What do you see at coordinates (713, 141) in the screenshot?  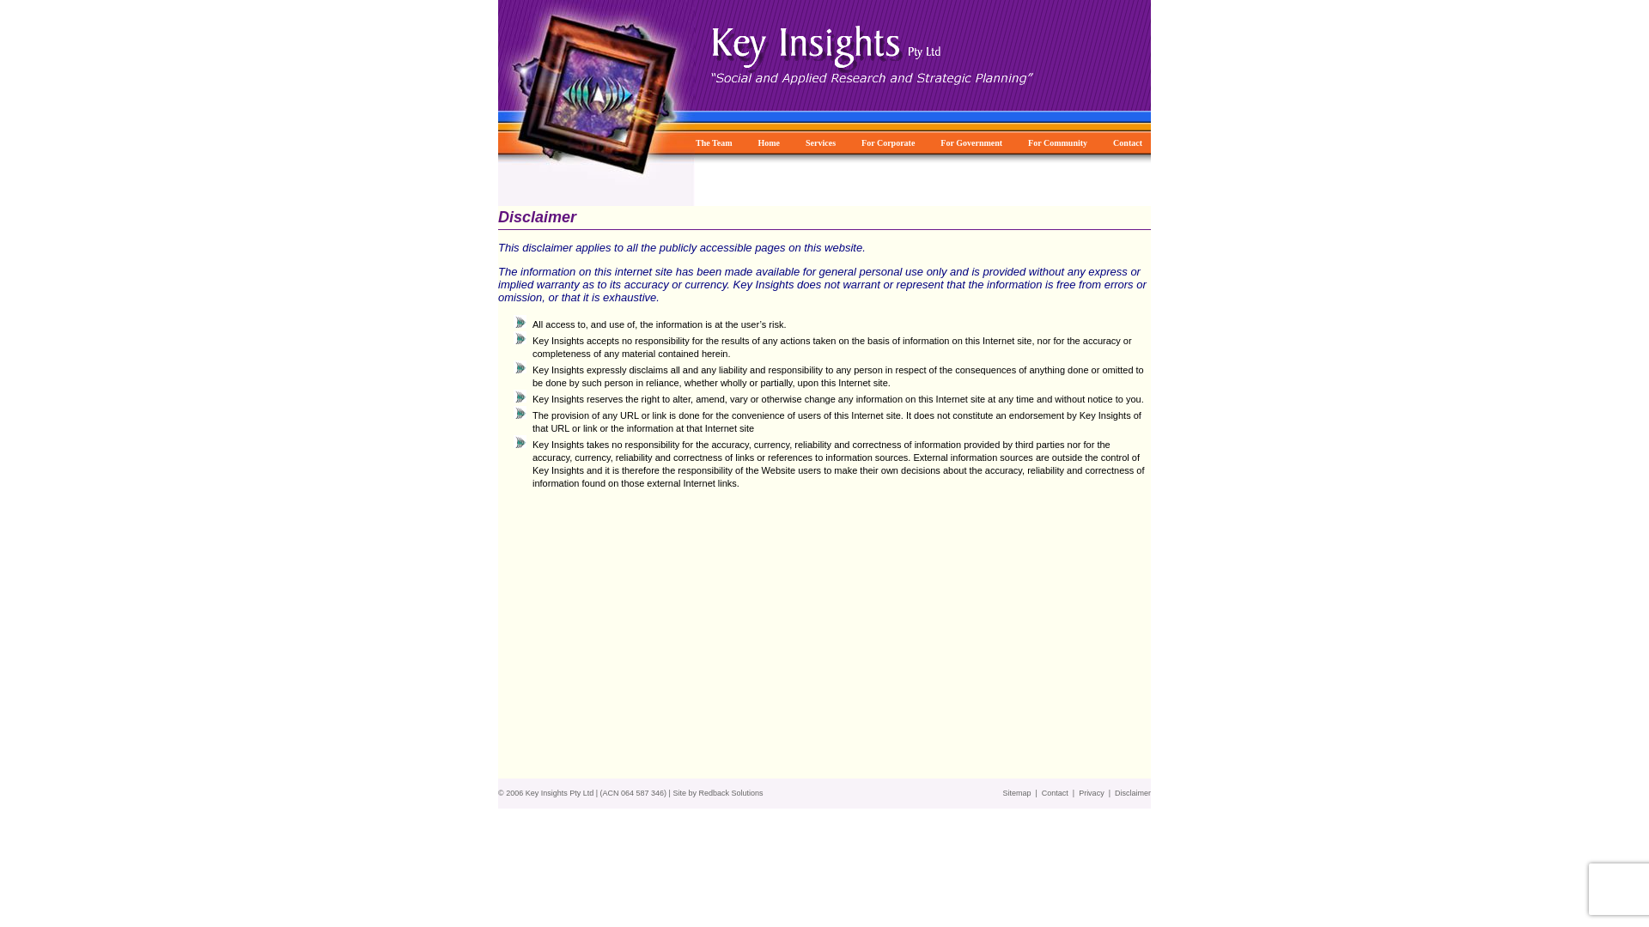 I see `'The Team'` at bounding box center [713, 141].